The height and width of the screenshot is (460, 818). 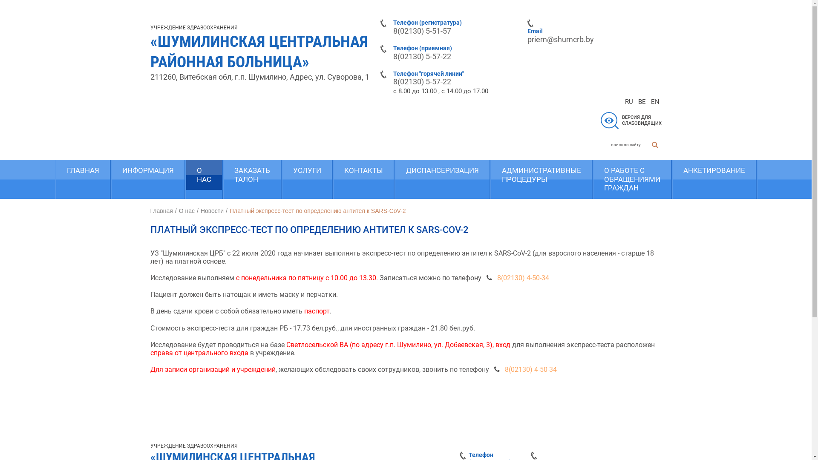 I want to click on 'RU', so click(x=623, y=101).